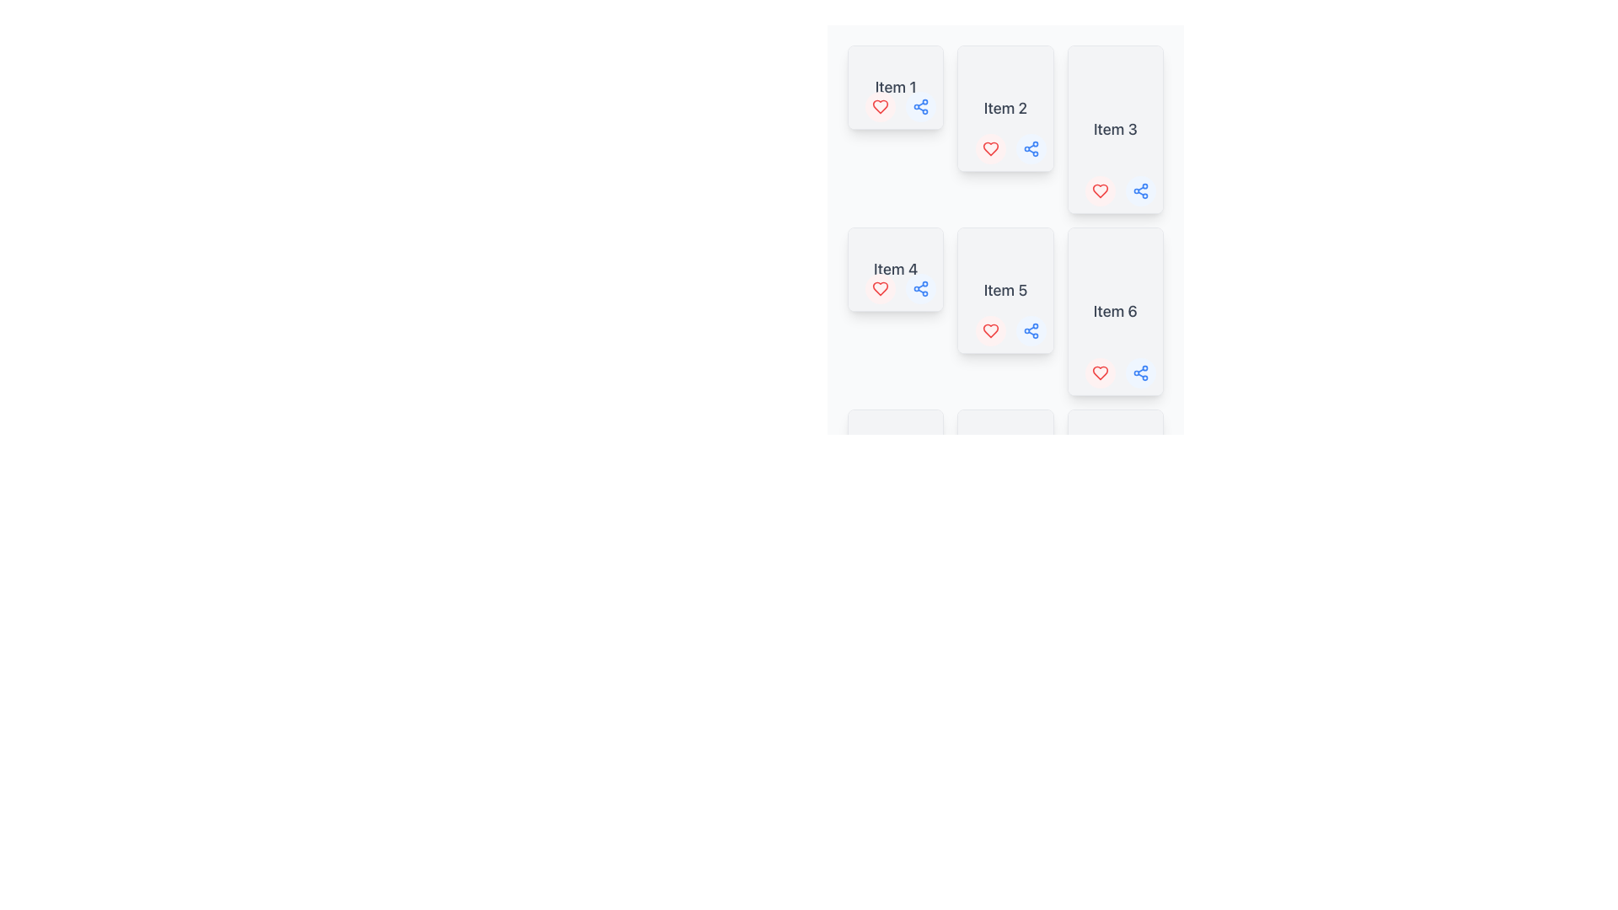 The height and width of the screenshot is (910, 1618). I want to click on text from the title label located inside the first card in the top-left corner of the grid layout, so click(895, 88).